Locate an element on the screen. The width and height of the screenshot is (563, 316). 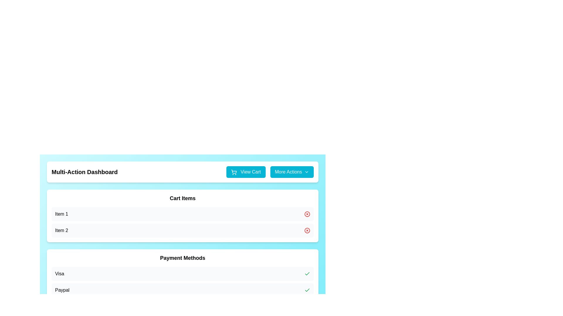
on the shopping cart icon located is located at coordinates (233, 171).